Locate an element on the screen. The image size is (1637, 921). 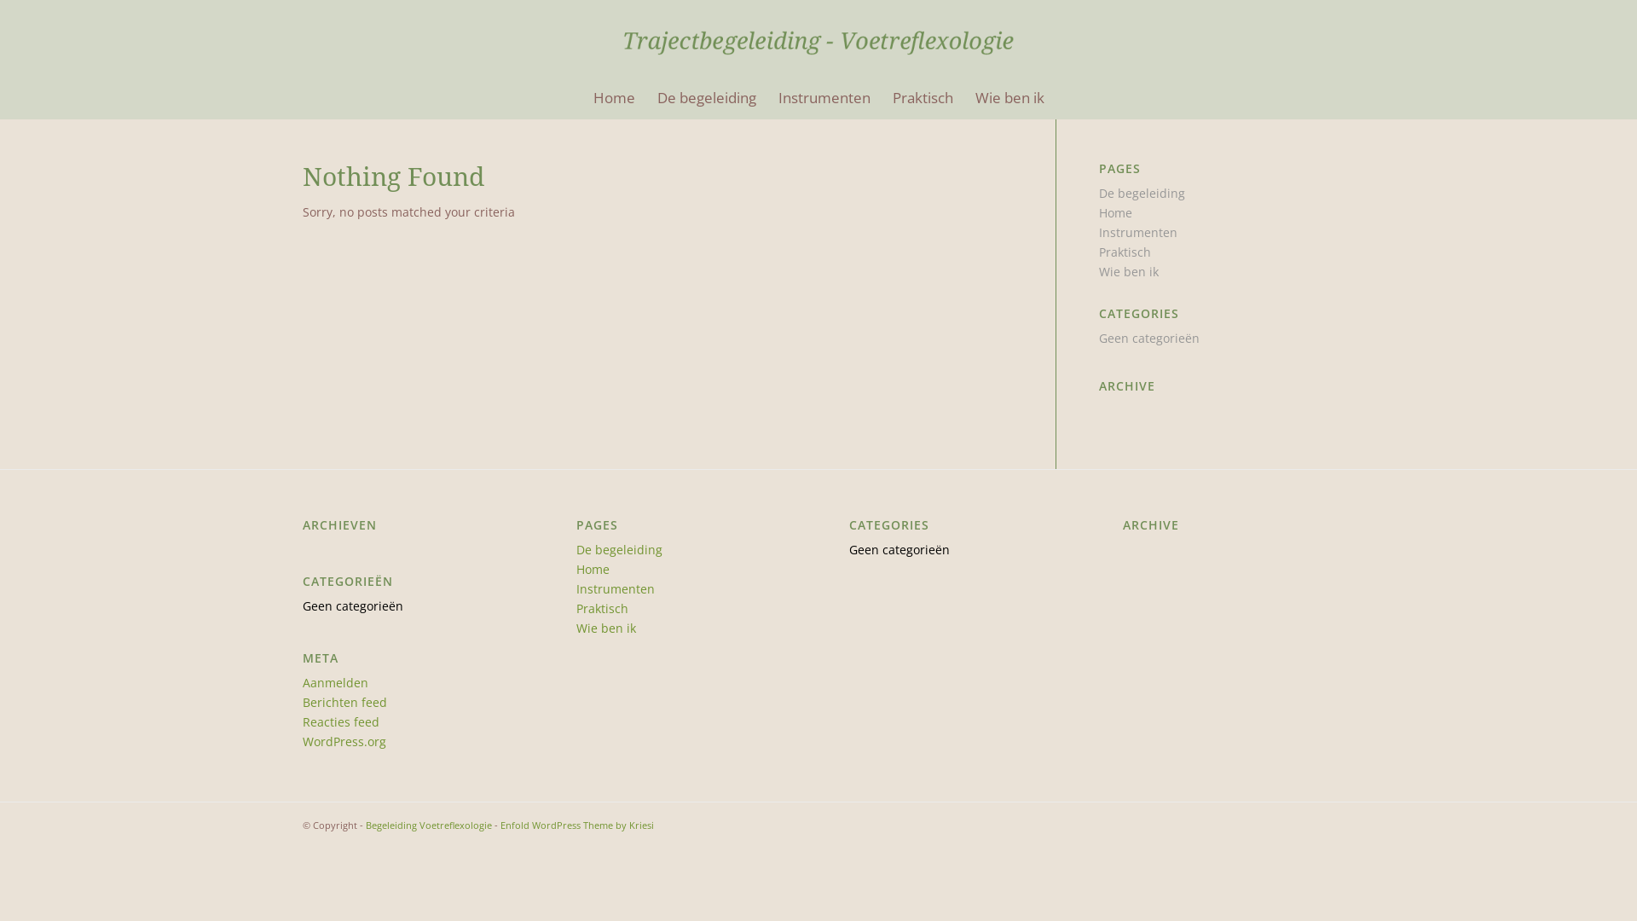
'WordPress.org' is located at coordinates (343, 740).